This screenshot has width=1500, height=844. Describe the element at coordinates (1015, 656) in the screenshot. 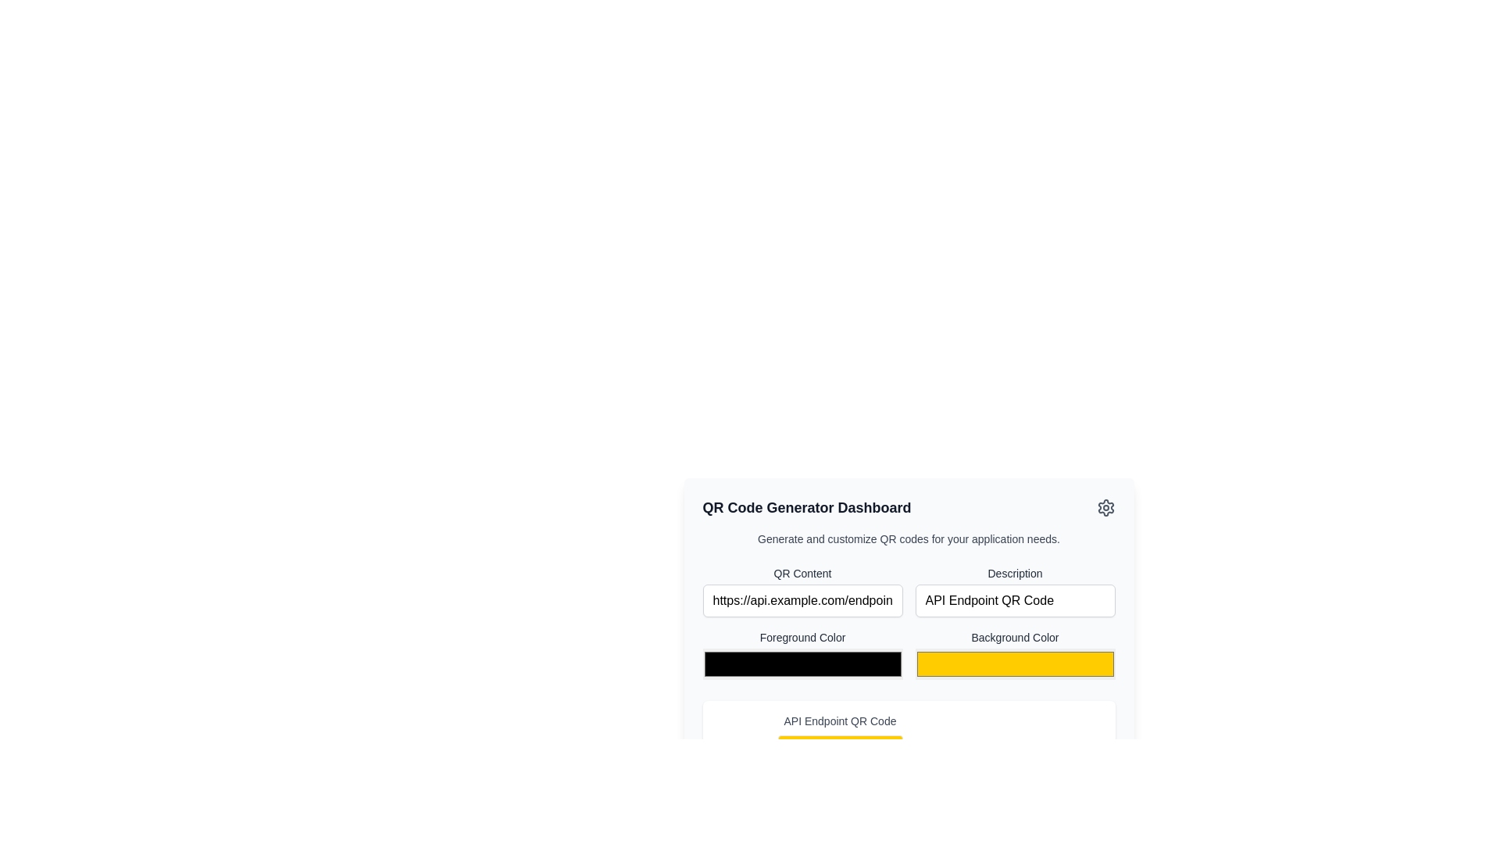

I see `the Color picker component labeled 'Background Color'` at that location.